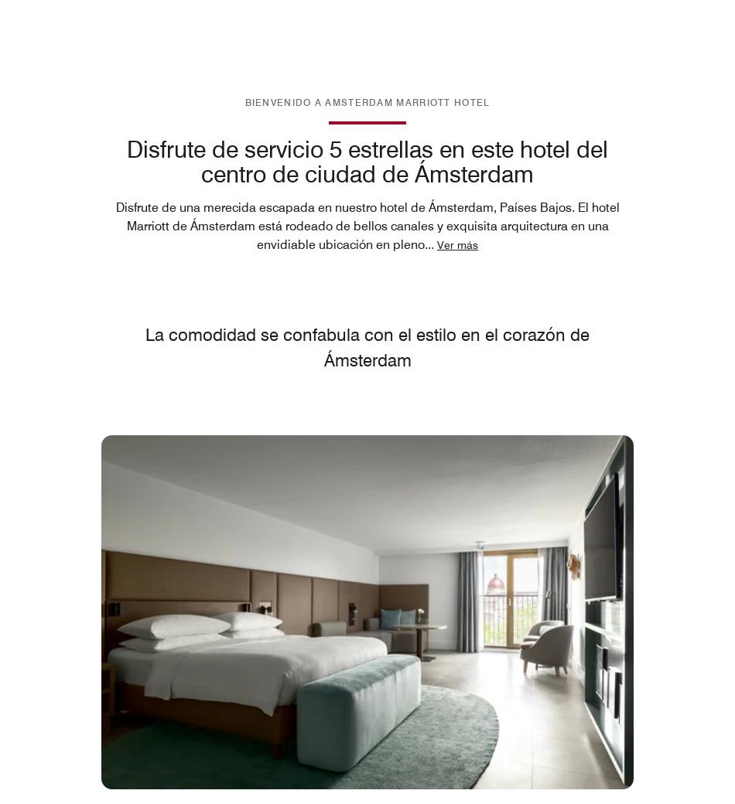 The width and height of the screenshot is (735, 804). I want to click on 'Stadhouderskade 12,', so click(165, 563).